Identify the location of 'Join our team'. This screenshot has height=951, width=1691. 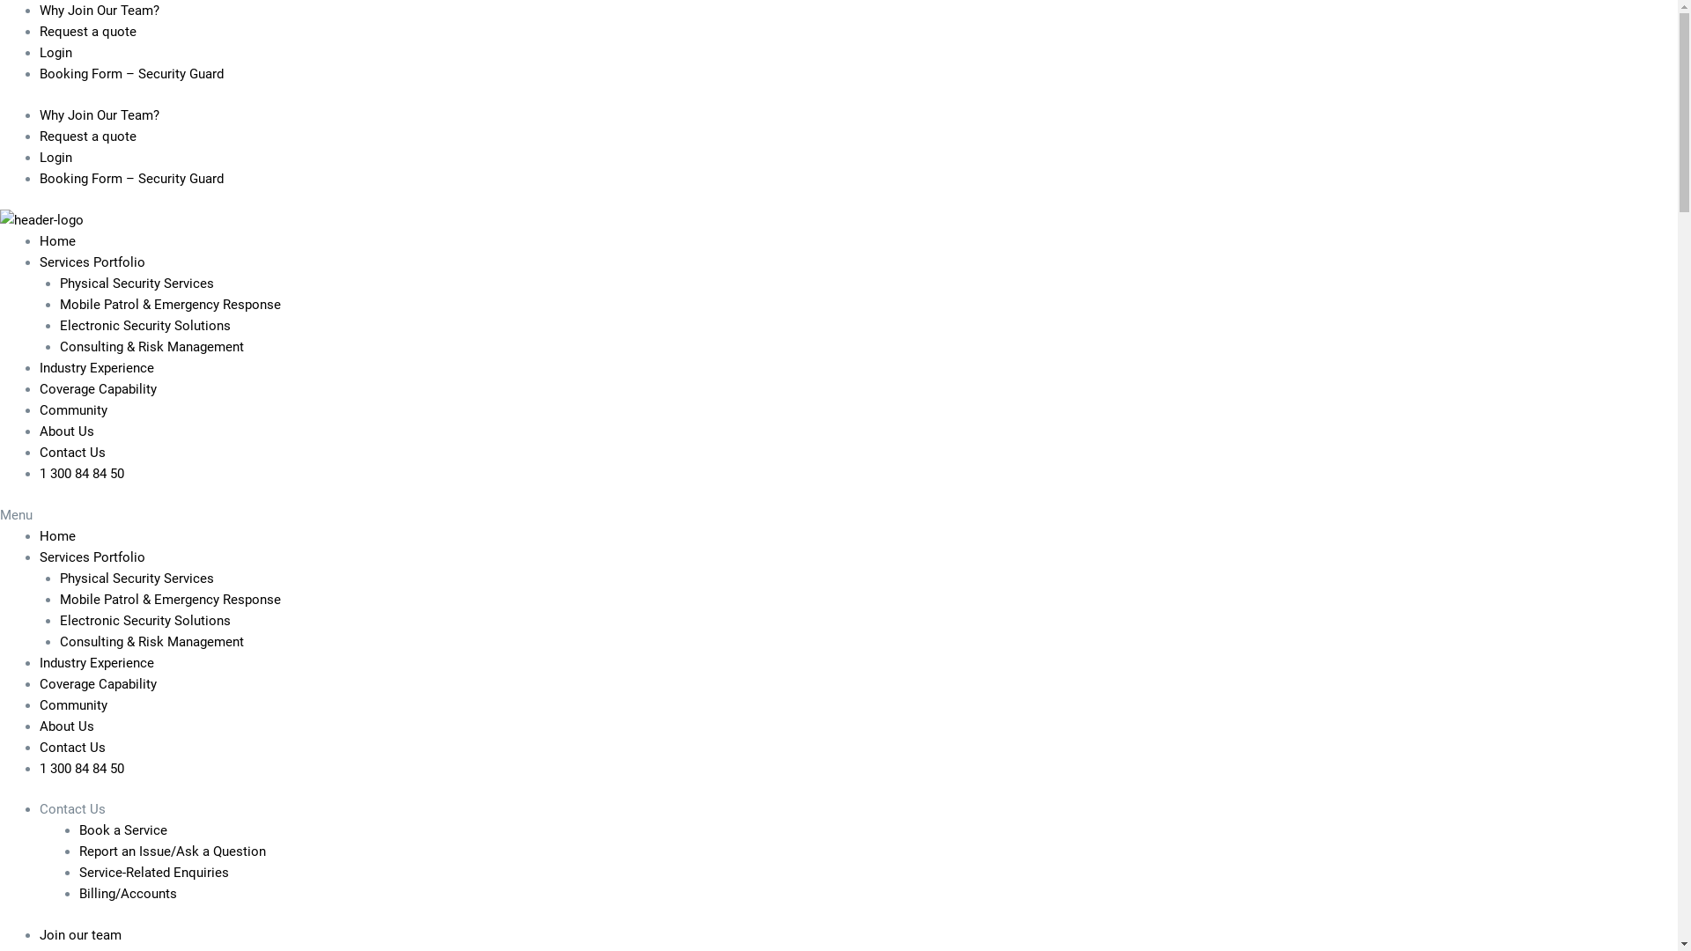
(79, 933).